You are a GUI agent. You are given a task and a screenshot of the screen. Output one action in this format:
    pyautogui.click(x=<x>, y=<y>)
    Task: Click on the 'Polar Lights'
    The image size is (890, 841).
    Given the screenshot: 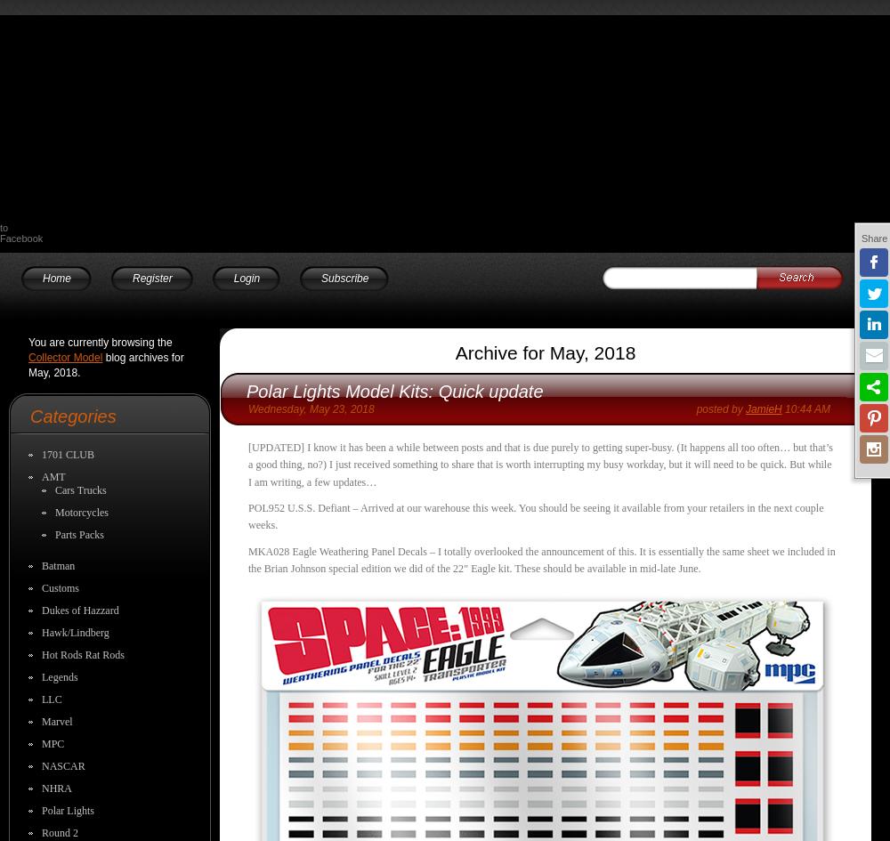 What is the action you would take?
    pyautogui.click(x=67, y=809)
    